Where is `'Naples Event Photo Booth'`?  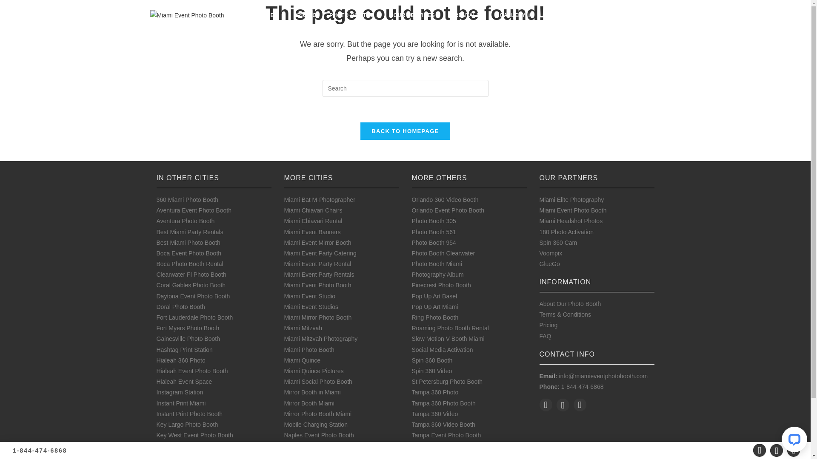
'Naples Event Photo Booth' is located at coordinates (318, 435).